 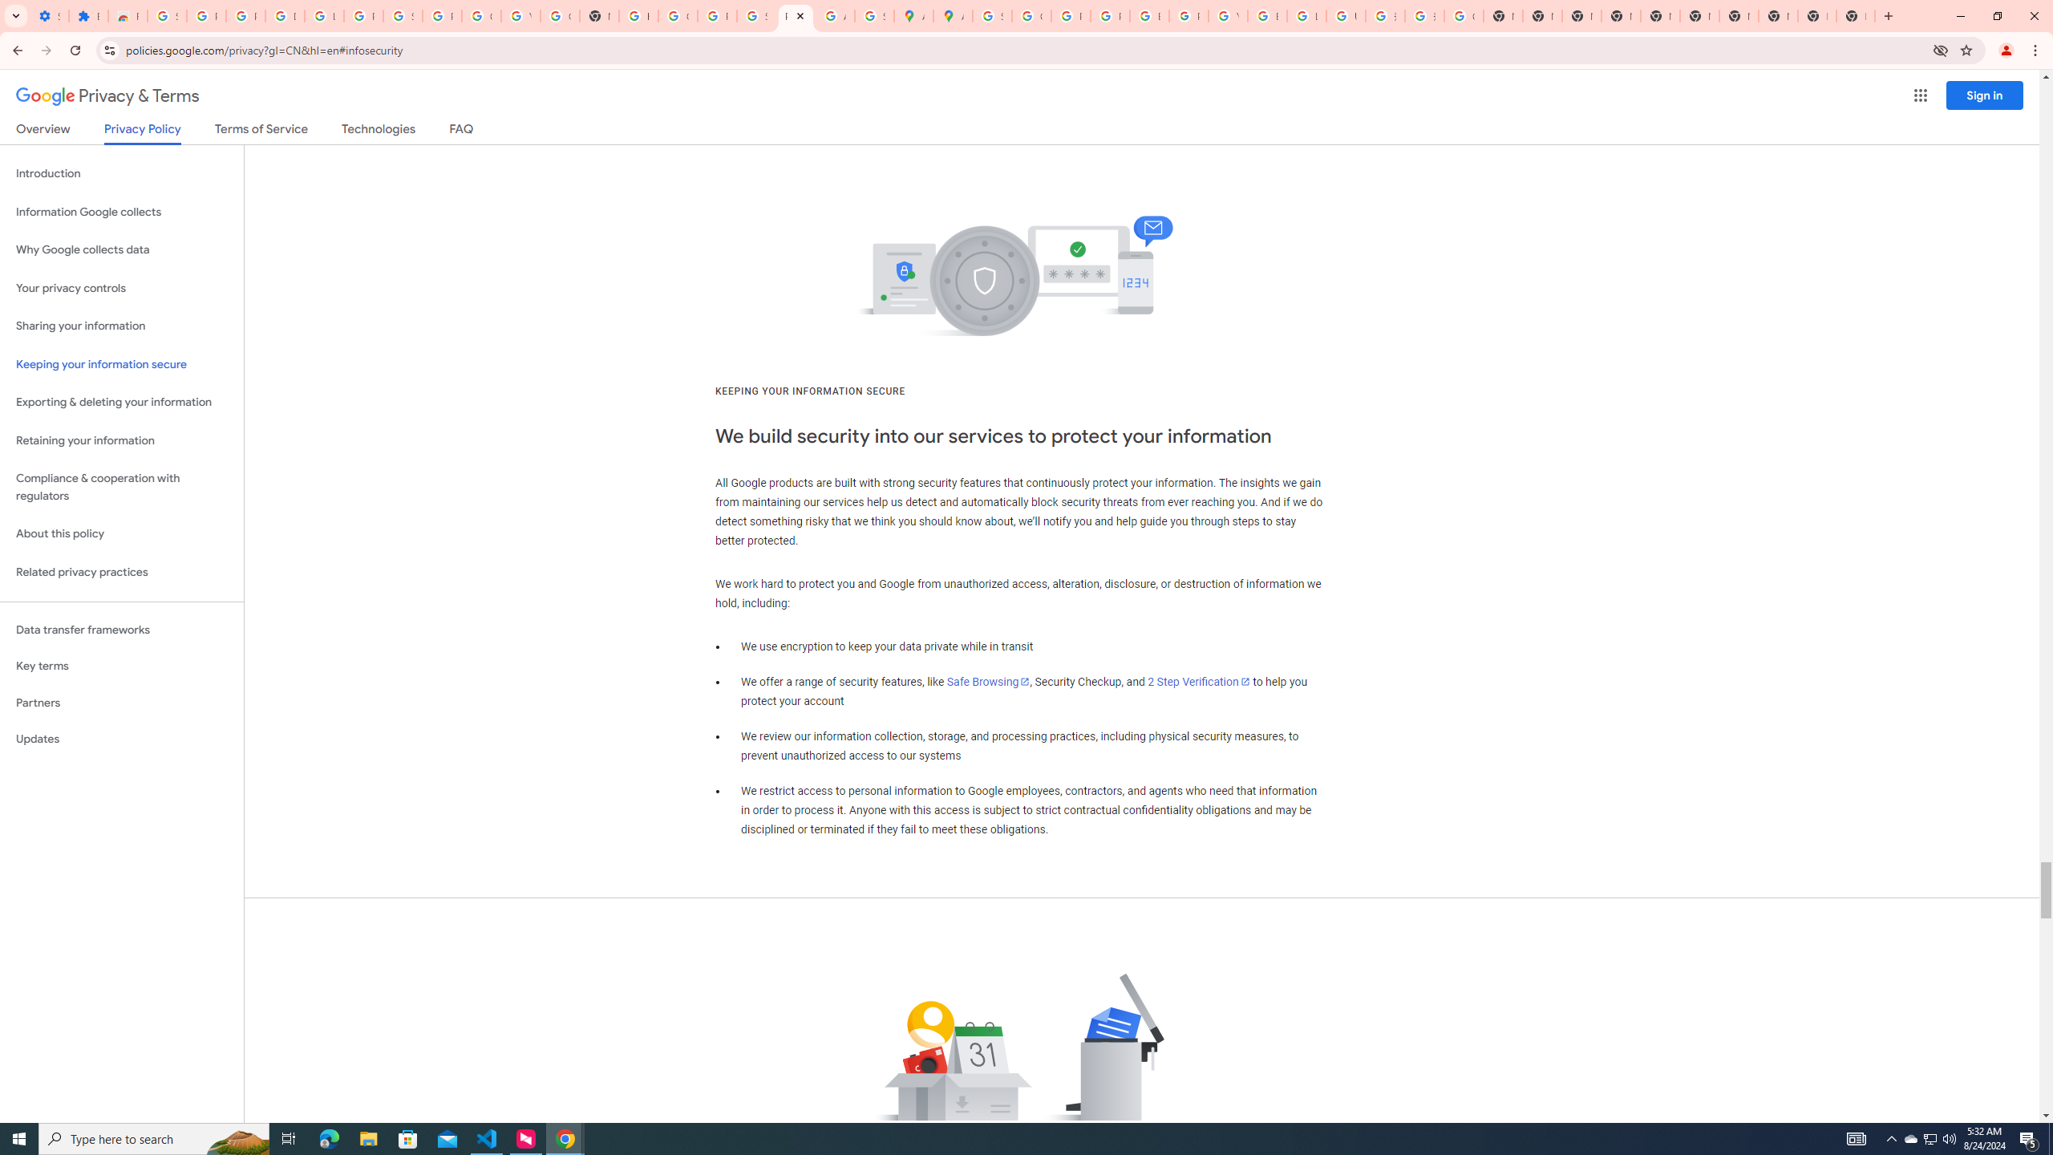 I want to click on 'Delete photos & videos - Computer - Google Photos Help', so click(x=284, y=15).